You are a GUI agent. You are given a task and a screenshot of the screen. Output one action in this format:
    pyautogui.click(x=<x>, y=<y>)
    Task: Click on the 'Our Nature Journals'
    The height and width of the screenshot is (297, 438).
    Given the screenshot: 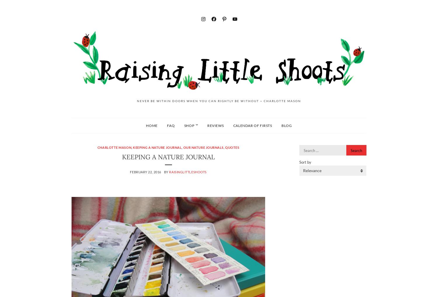 What is the action you would take?
    pyautogui.click(x=203, y=147)
    